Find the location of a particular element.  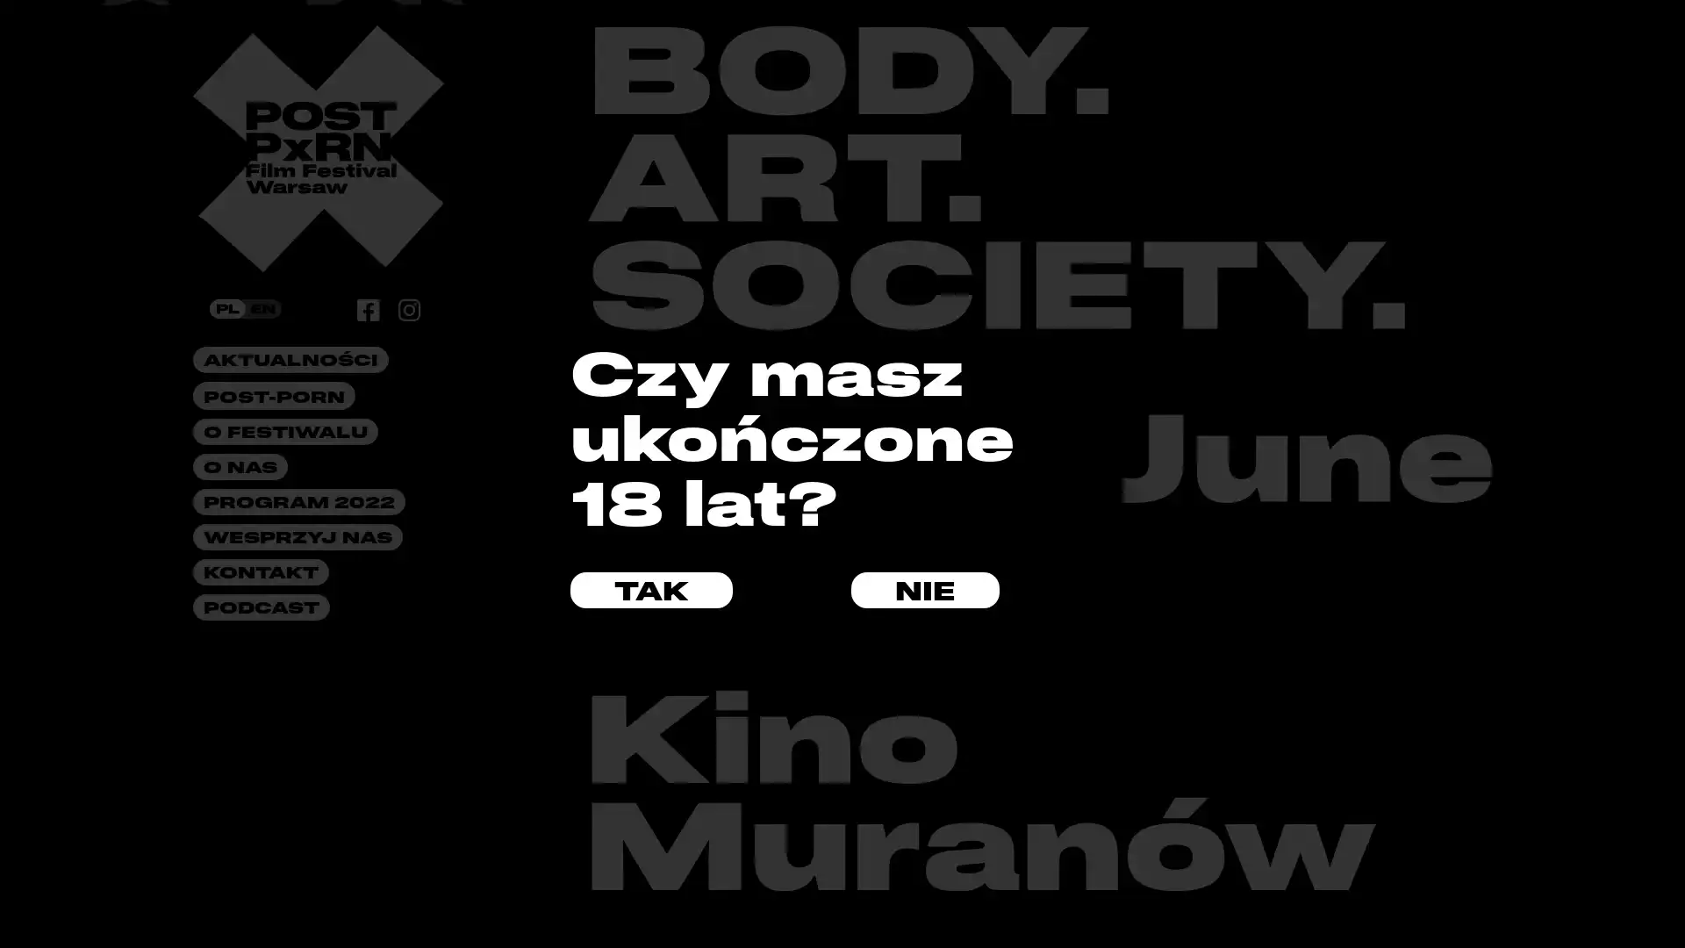

AKTUALNOSCI is located at coordinates (290, 358).